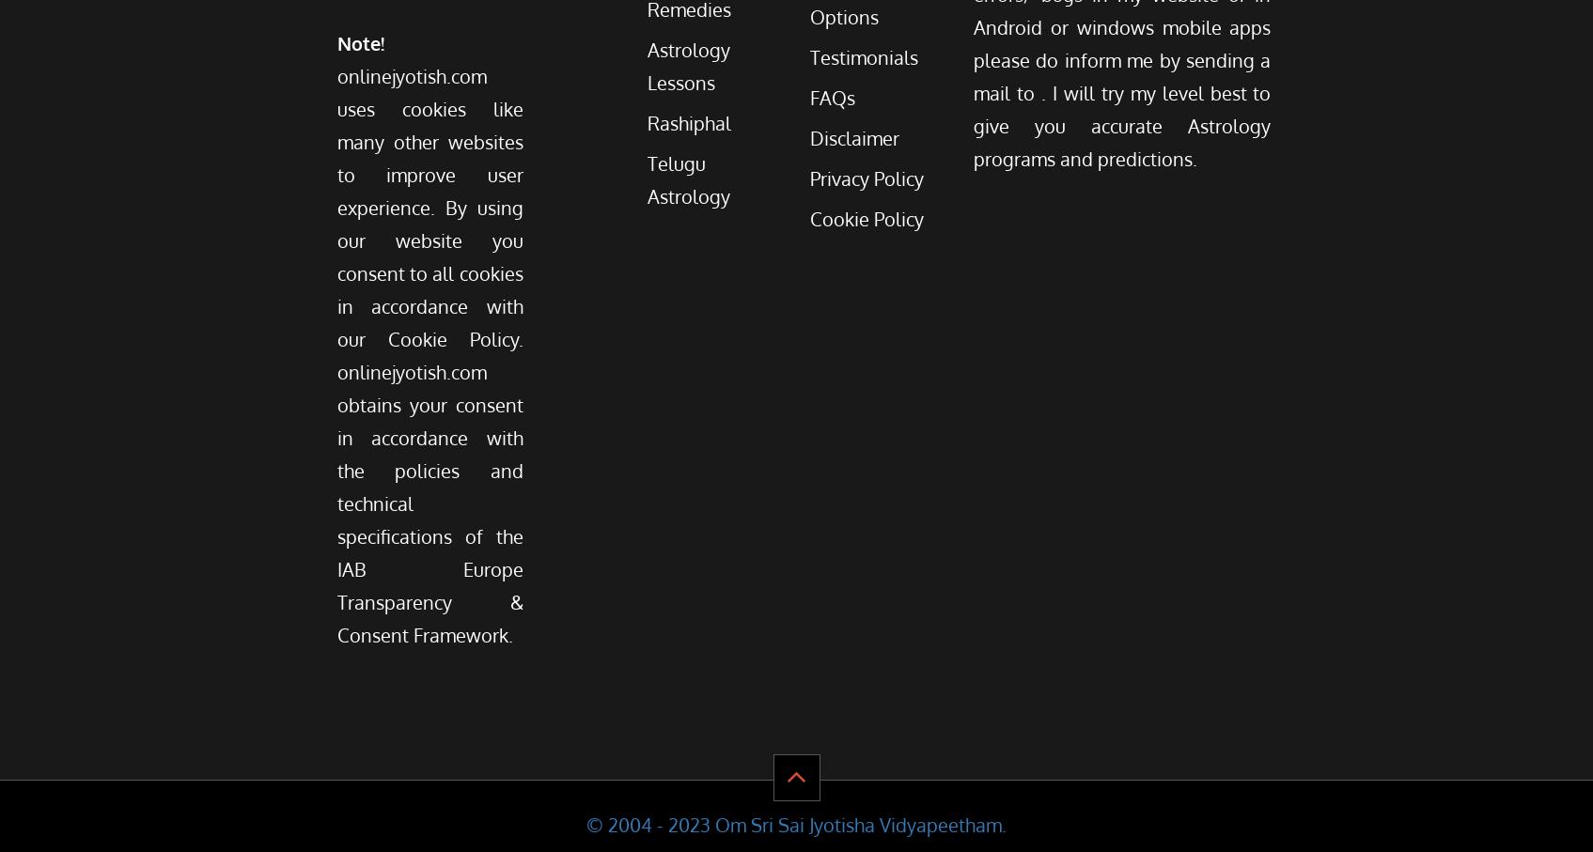 The image size is (1593, 852). What do you see at coordinates (853, 138) in the screenshot?
I see `'Disclaimer'` at bounding box center [853, 138].